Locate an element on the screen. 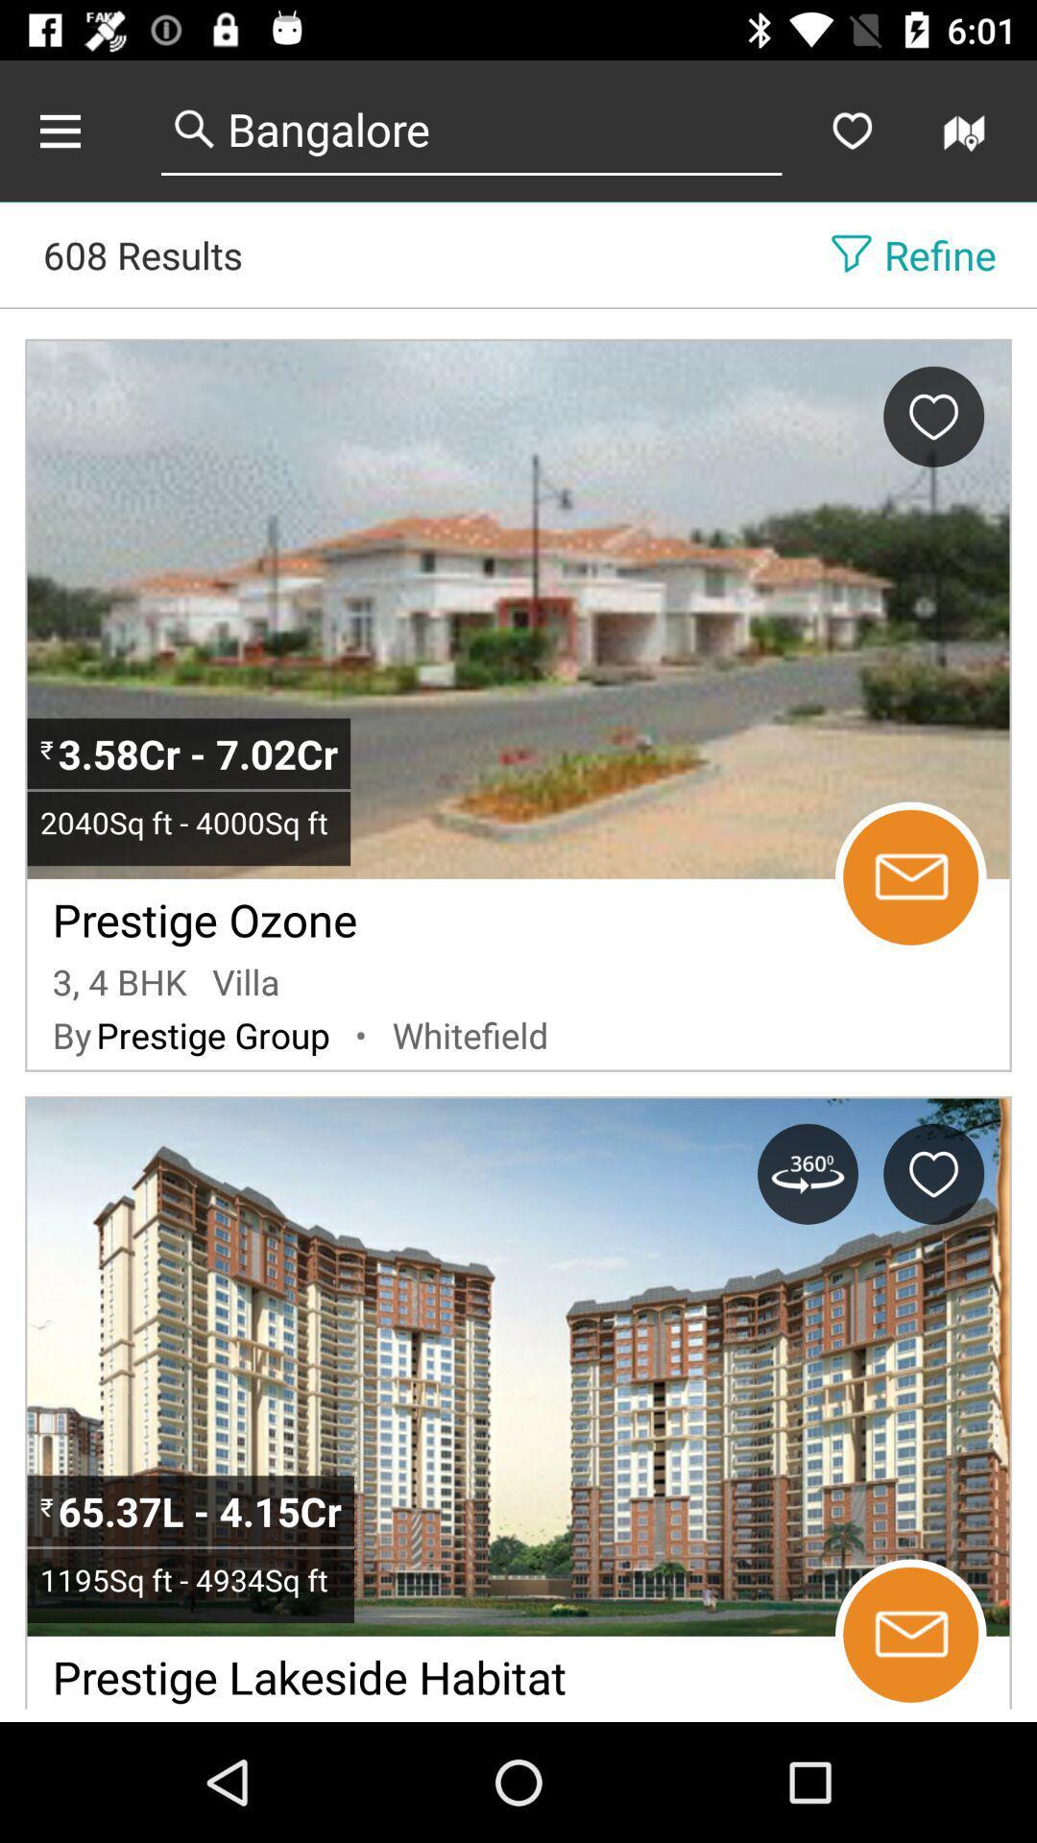 Image resolution: width=1037 pixels, height=1843 pixels. share the article is located at coordinates (80, 130).